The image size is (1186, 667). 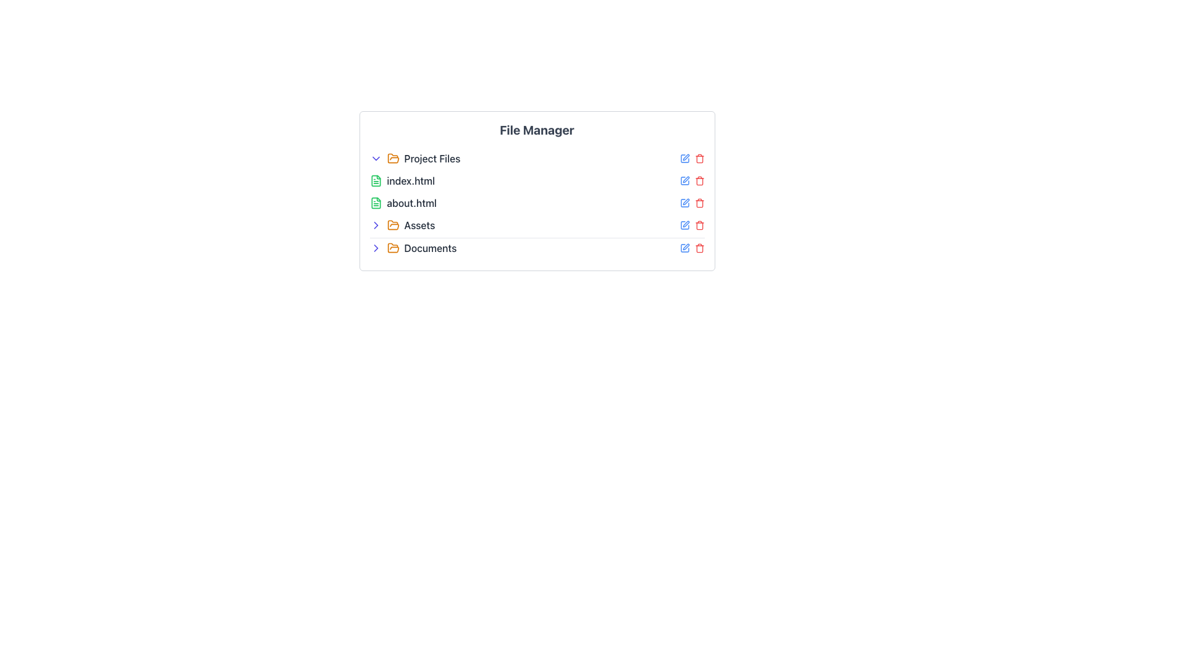 What do you see at coordinates (375, 225) in the screenshot?
I see `the indigo right-pointing chevron icon located to the left of the 'Assets' folder label` at bounding box center [375, 225].